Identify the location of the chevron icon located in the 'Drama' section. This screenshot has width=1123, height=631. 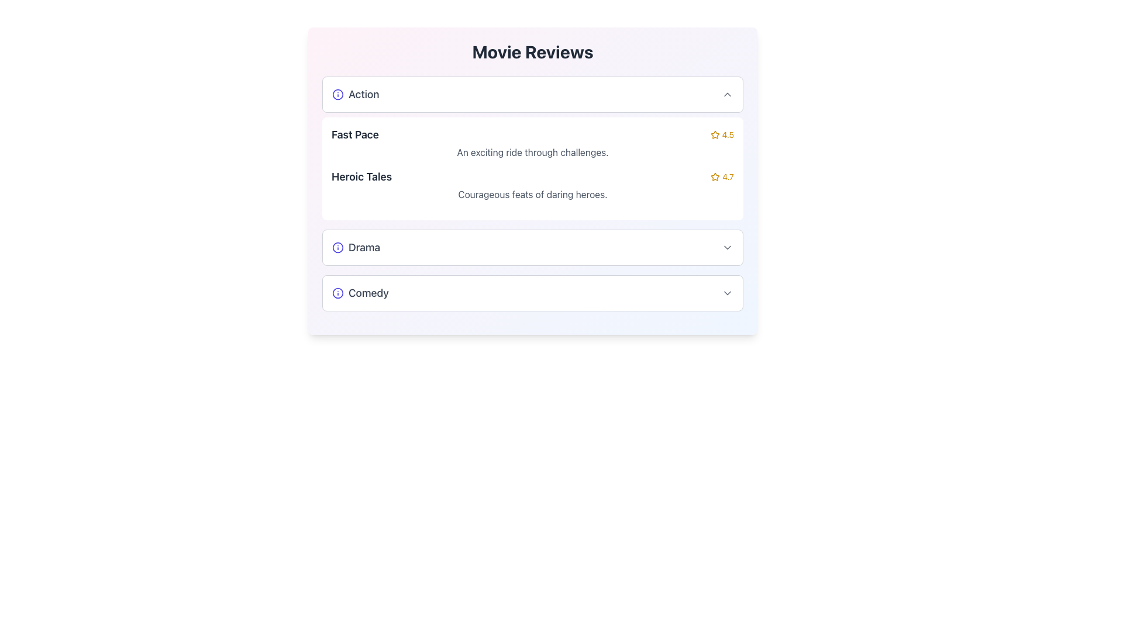
(726, 247).